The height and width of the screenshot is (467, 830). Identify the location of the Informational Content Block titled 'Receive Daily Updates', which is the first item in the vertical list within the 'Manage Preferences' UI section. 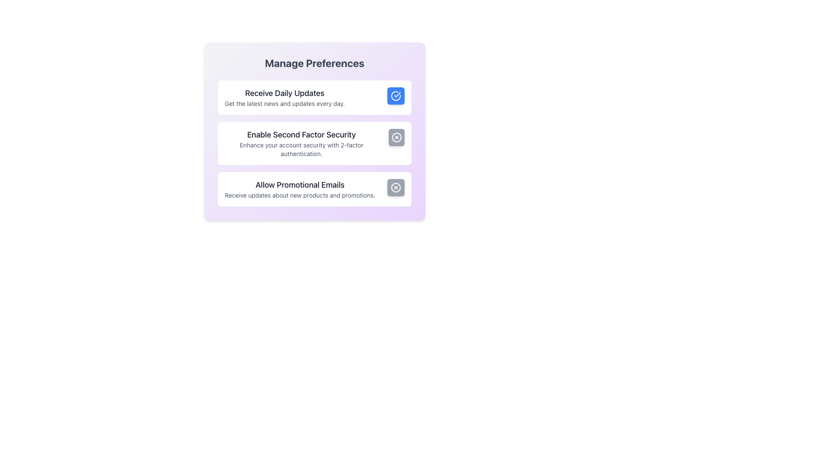
(284, 97).